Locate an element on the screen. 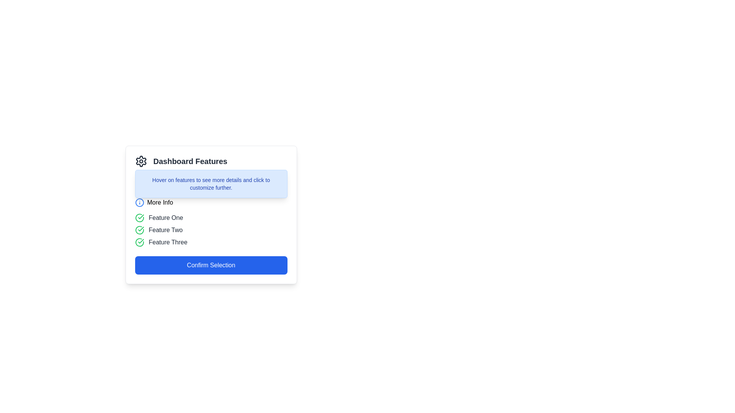  the larger circle icon indicating the selected status of the feature, located to the left of the text 'Feature Two' is located at coordinates (139, 218).